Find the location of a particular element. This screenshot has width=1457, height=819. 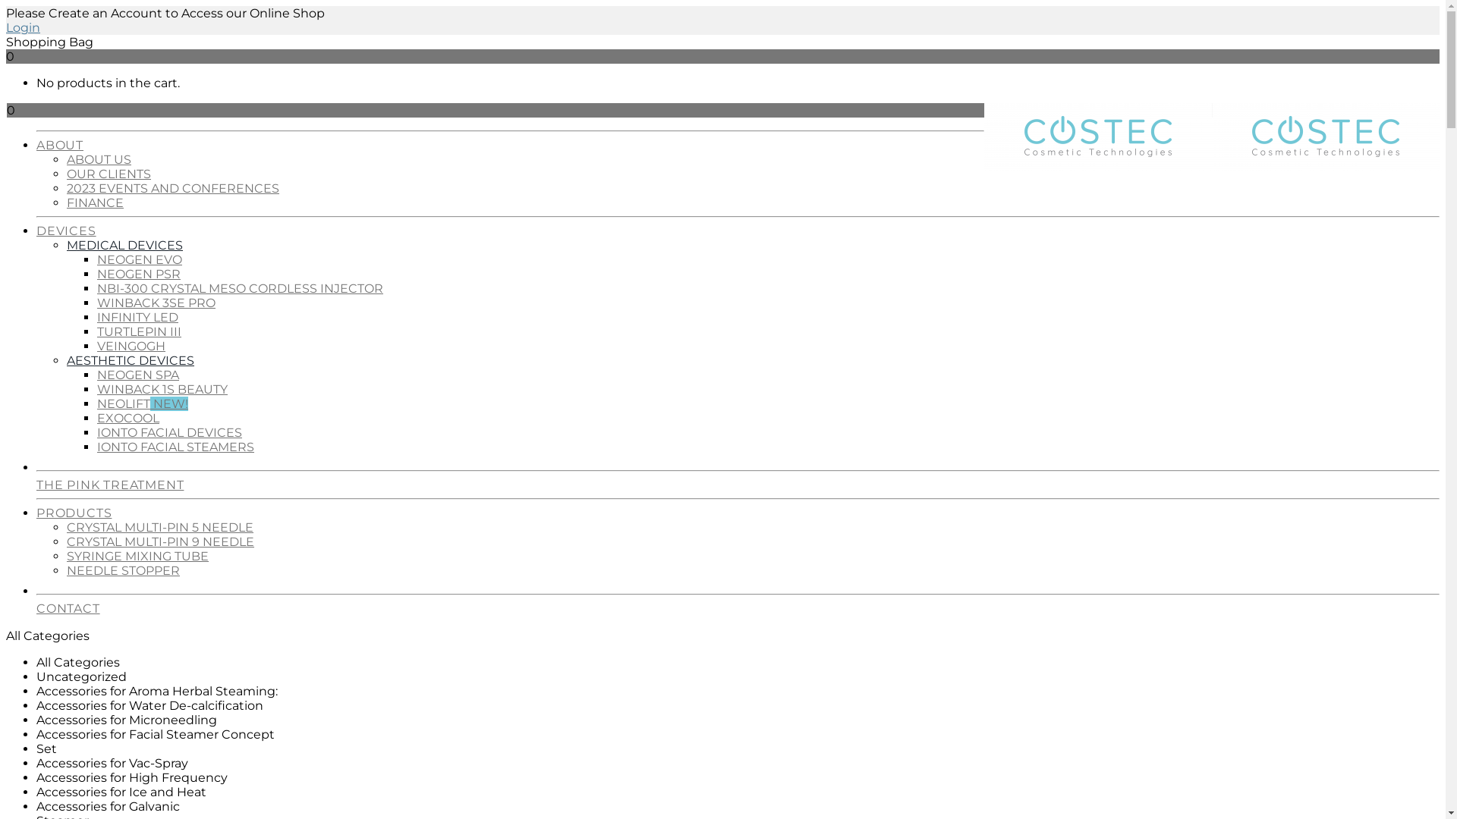

'IONTO FACIAL DEVICES' is located at coordinates (169, 432).